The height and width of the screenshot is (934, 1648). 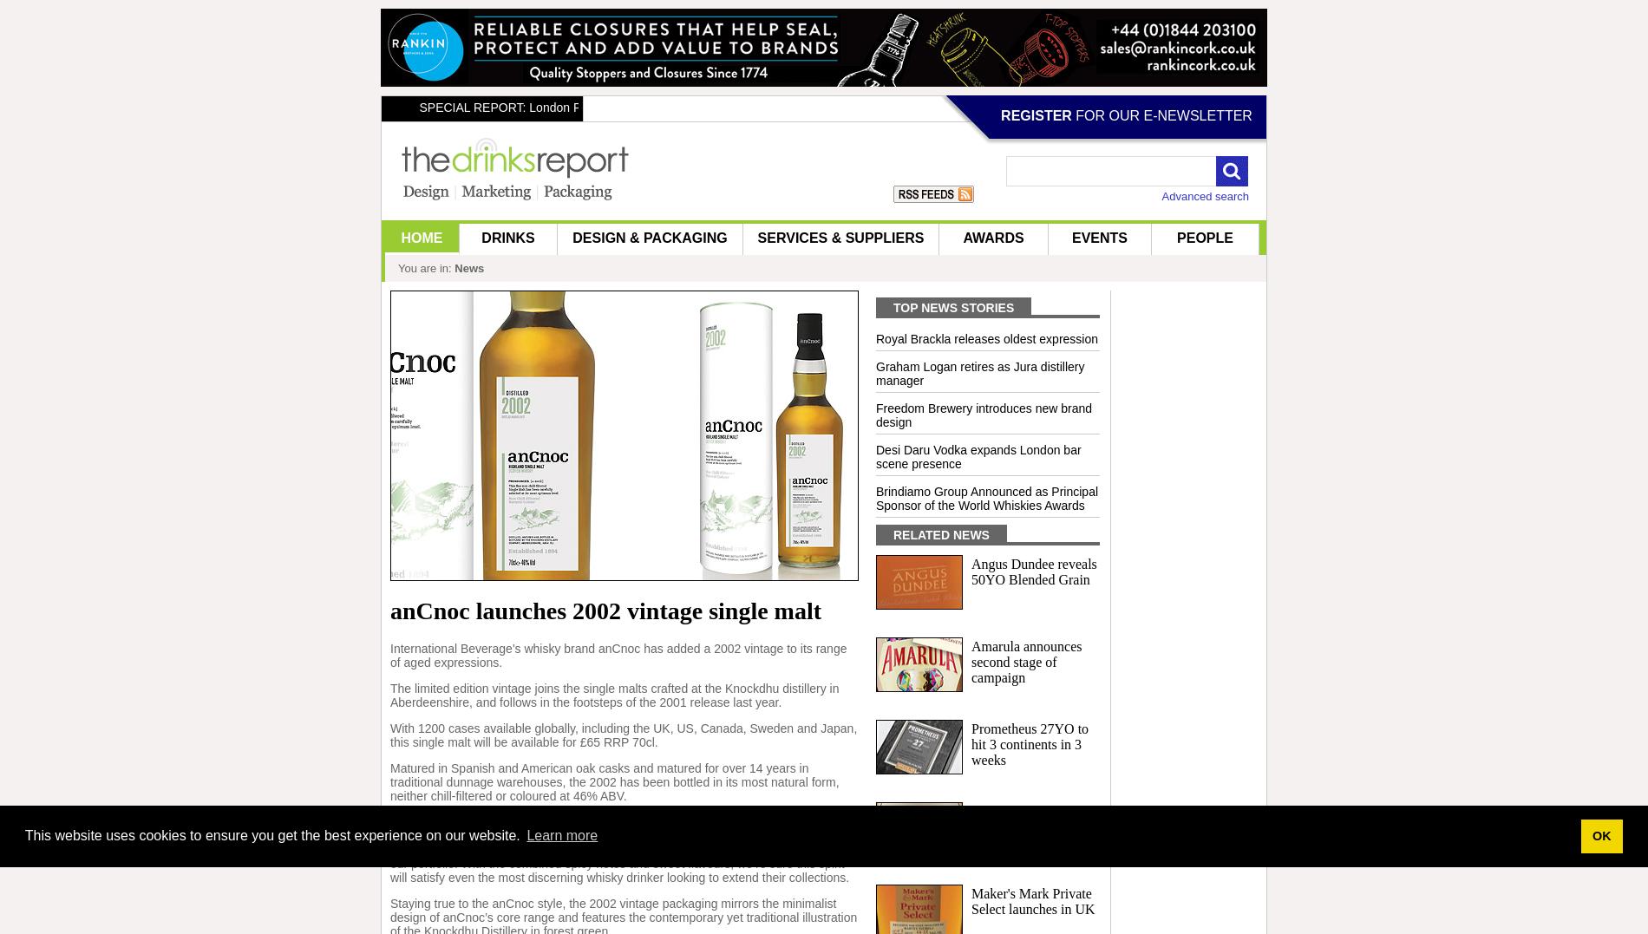 What do you see at coordinates (971, 661) in the screenshot?
I see `'Amarula announces second stage of campaign'` at bounding box center [971, 661].